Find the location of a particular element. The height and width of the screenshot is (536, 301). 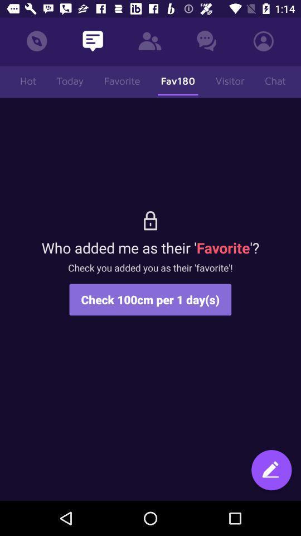

the icon below check you added is located at coordinates (150, 299).